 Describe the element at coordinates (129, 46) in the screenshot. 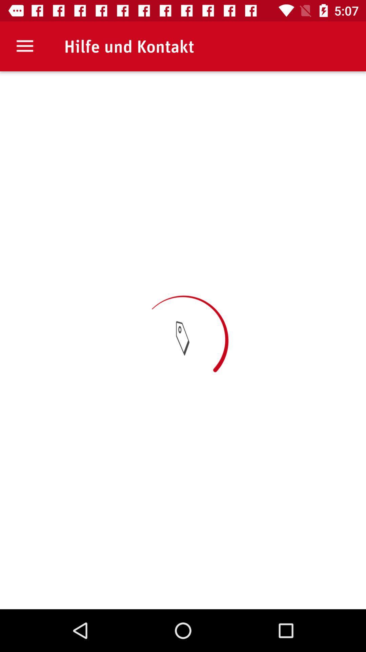

I see `the hilfe und kontakt` at that location.